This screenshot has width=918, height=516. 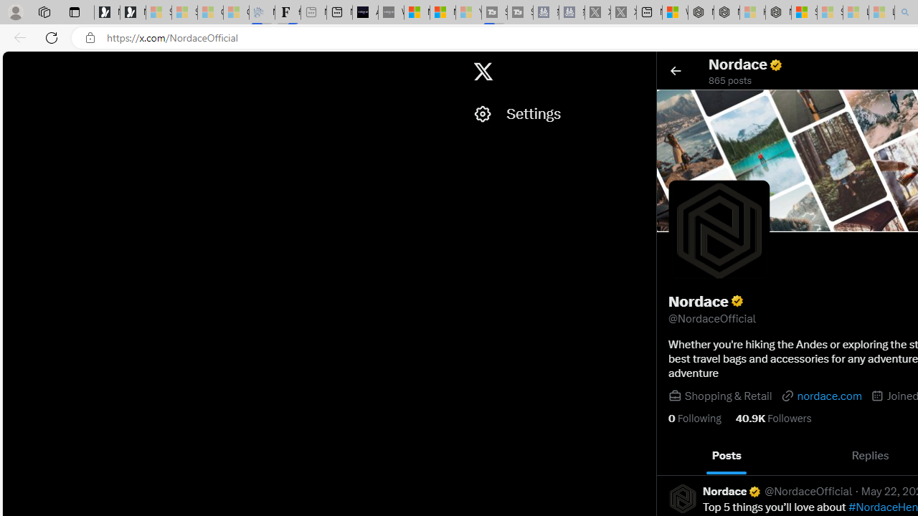 I want to click on 'What', so click(x=391, y=12).